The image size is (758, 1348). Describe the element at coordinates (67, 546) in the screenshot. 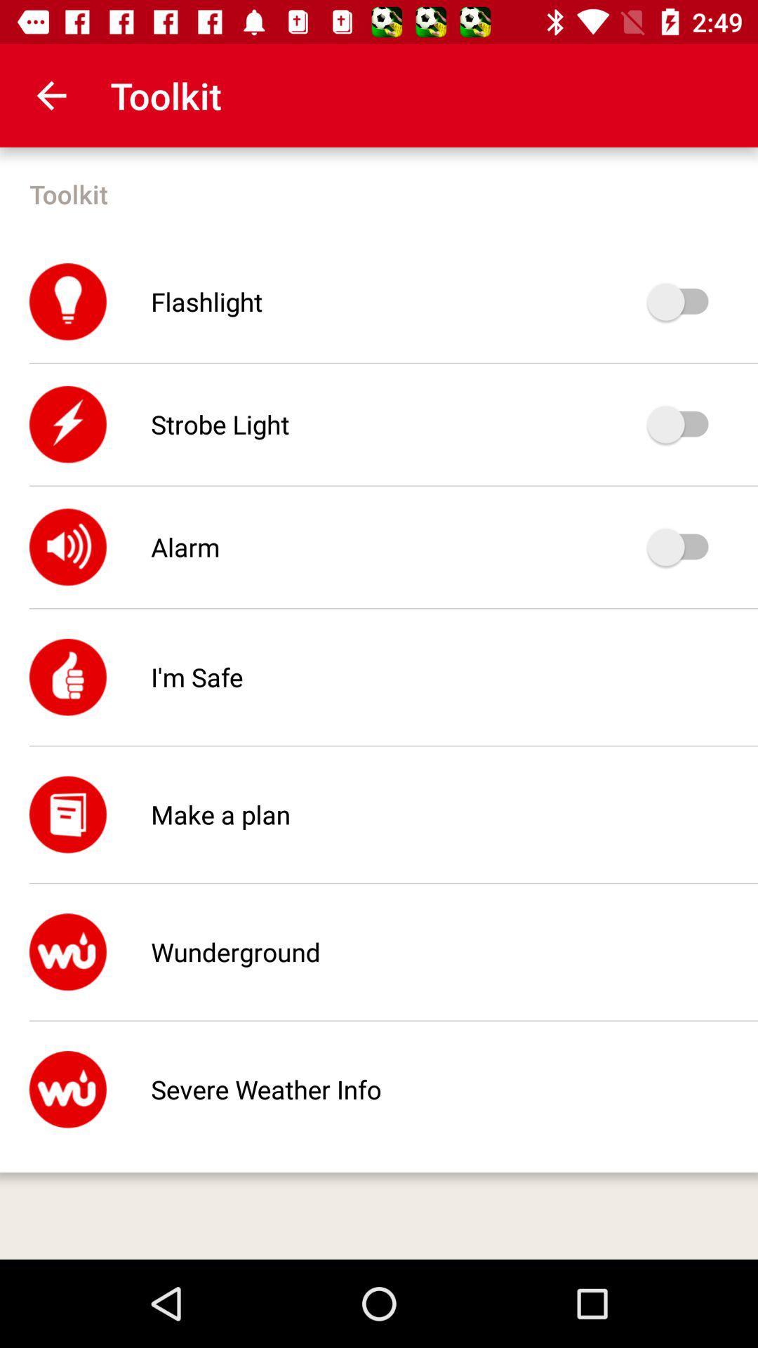

I see `the symbol beside alarm` at that location.